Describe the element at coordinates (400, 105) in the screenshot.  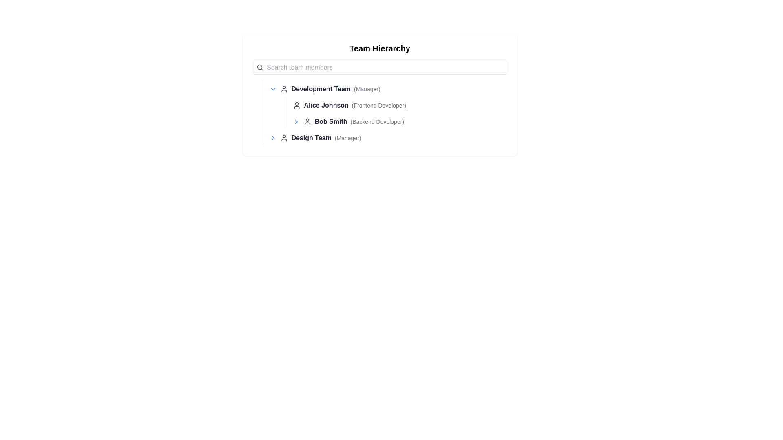
I see `the textual display element that provides information about a team member, positioned under the 'Development Team (Manager)' heading and above 'Bob Smith (Backend Developer)'` at that location.